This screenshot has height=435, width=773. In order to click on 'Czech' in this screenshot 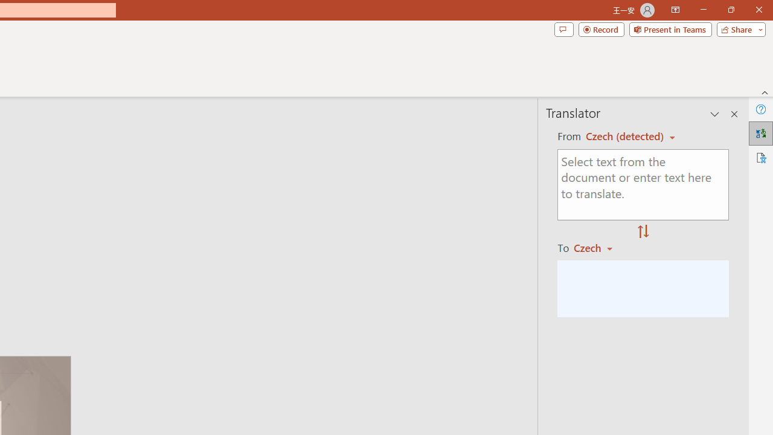, I will do `click(598, 247)`.